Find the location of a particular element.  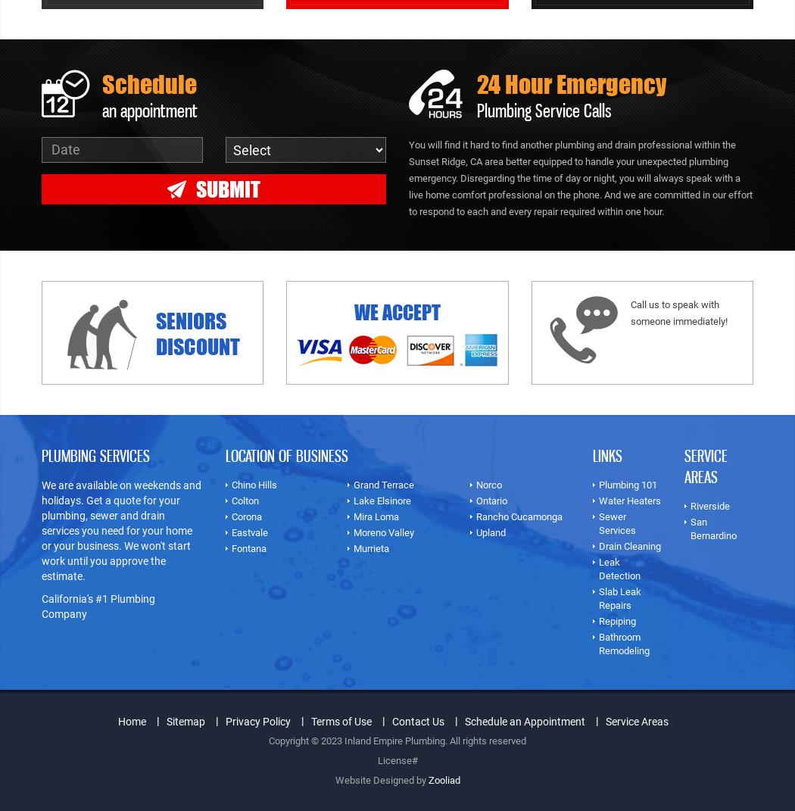

'Rancho Cucamonga' is located at coordinates (519, 515).